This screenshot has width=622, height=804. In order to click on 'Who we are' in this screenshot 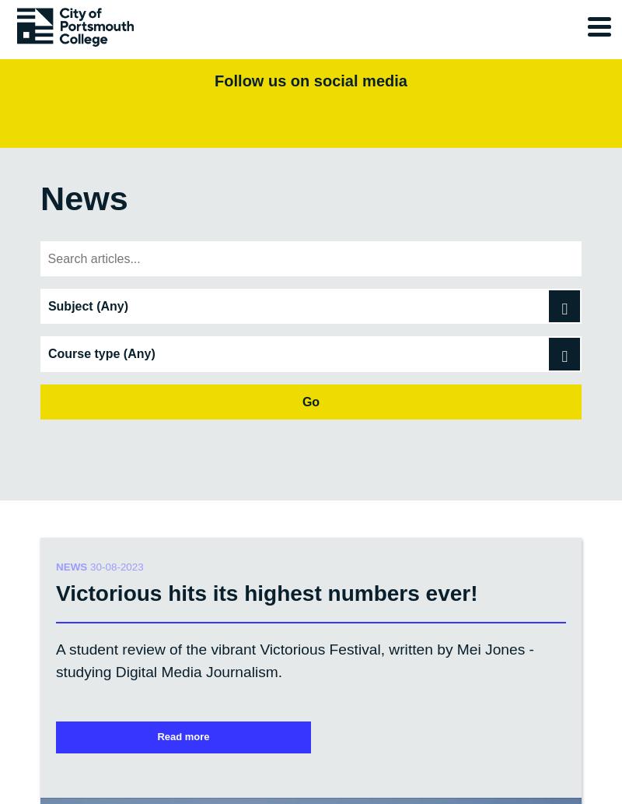, I will do `click(84, 476)`.